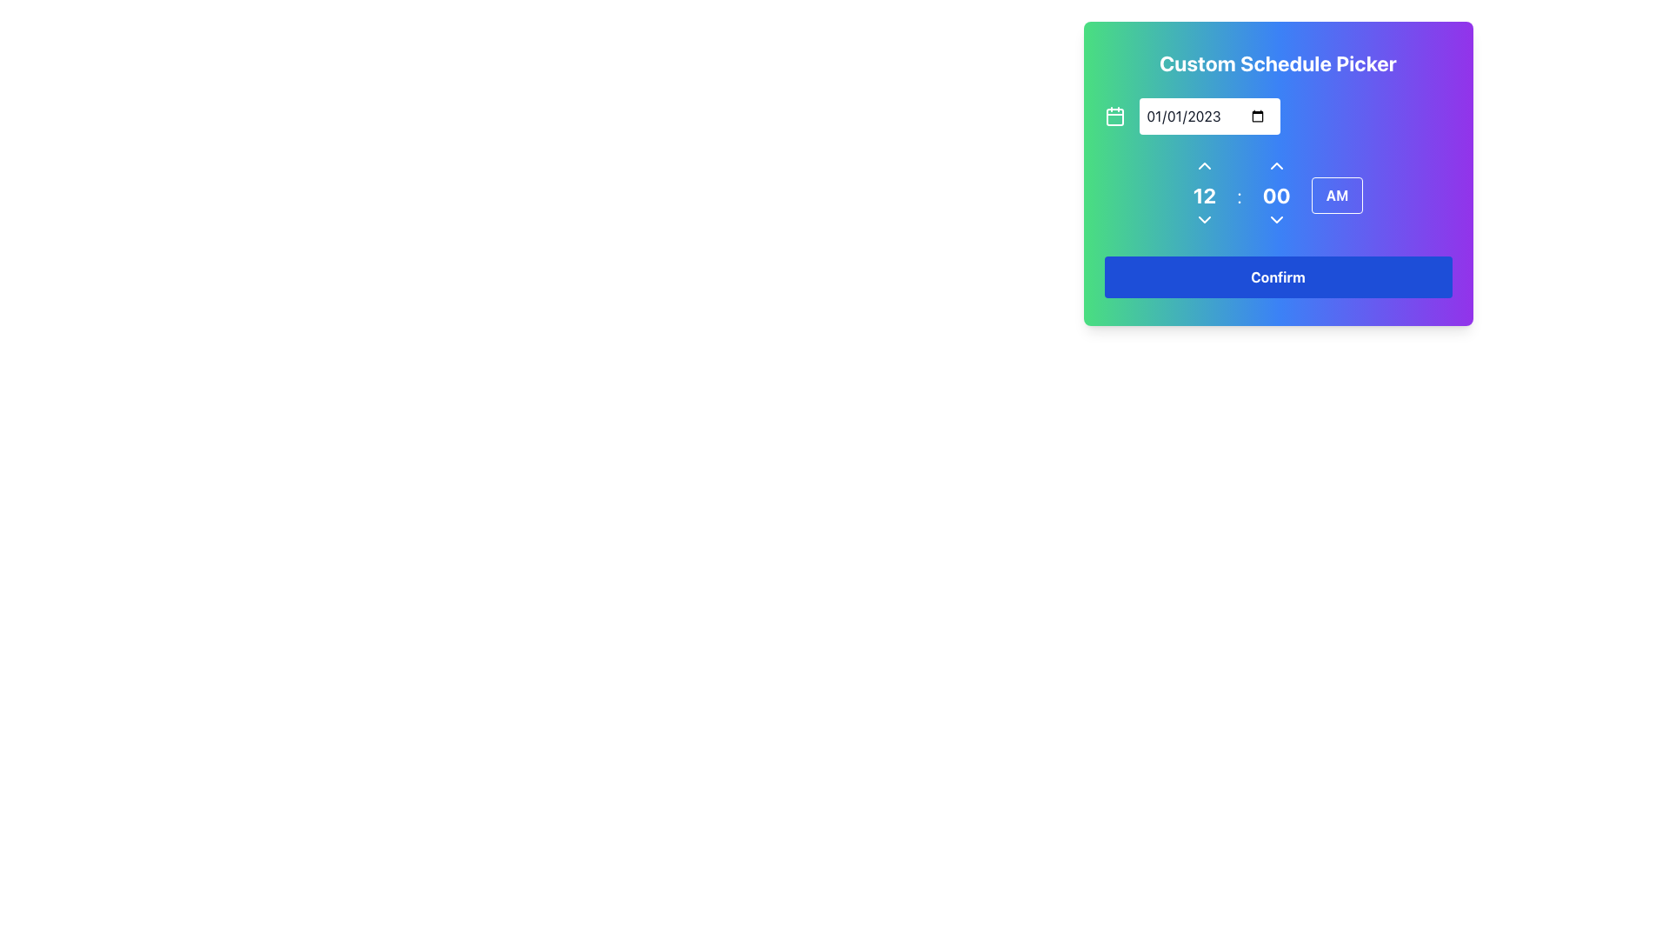 The height and width of the screenshot is (939, 1669). What do you see at coordinates (1276, 195) in the screenshot?
I see `the bold text label displaying '00', which is styled with a large font size and centered on a blue background, part of the time-setting control located between the hour and AM/PM controls` at bounding box center [1276, 195].